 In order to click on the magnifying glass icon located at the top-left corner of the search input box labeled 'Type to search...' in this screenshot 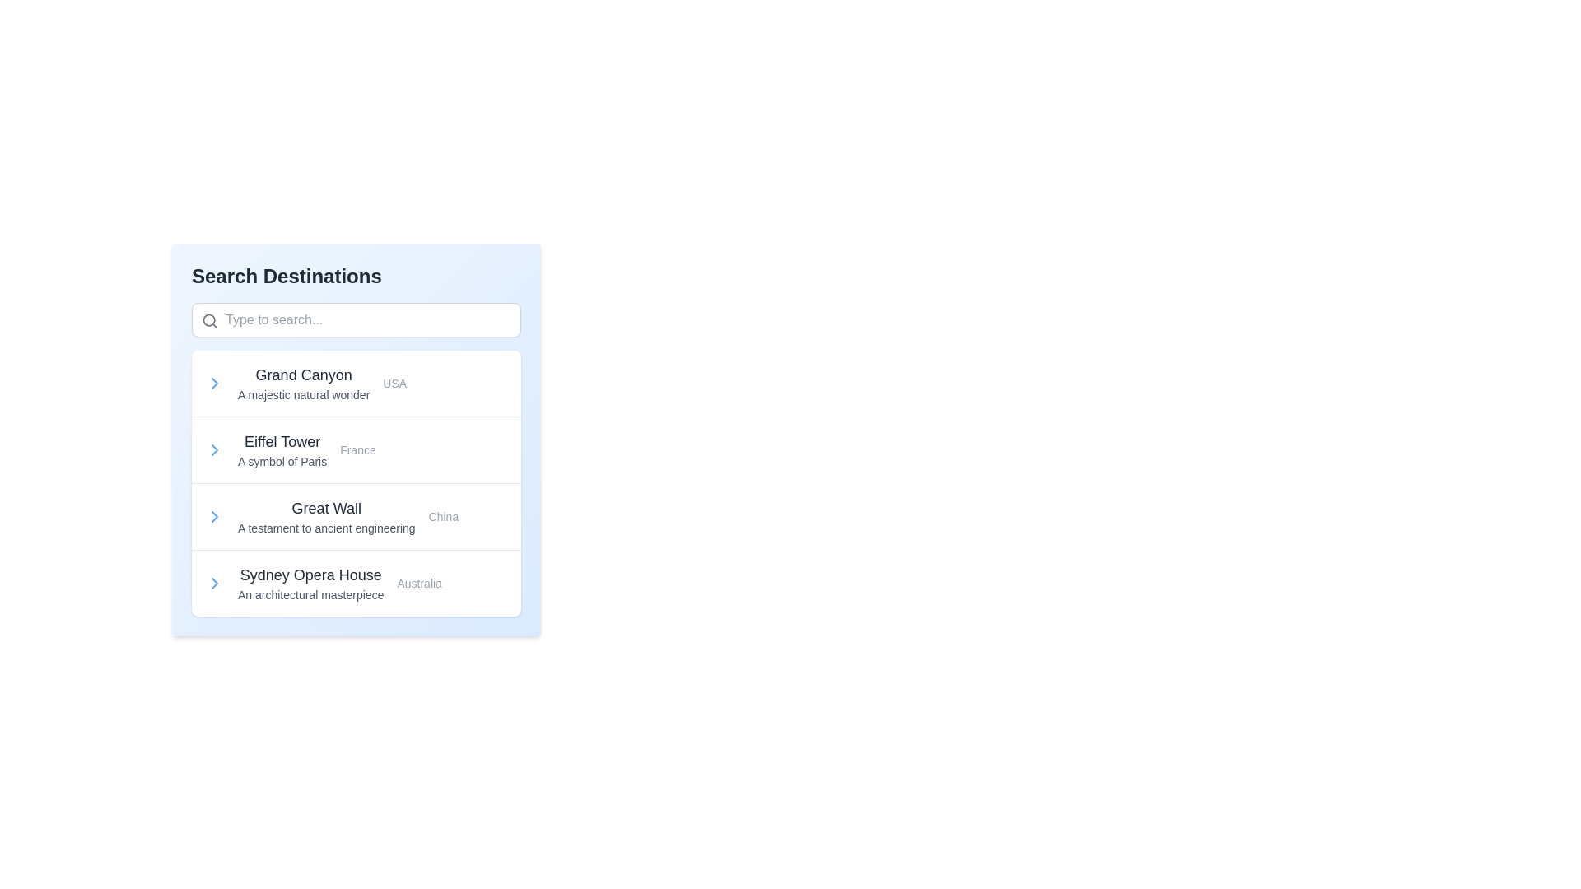, I will do `click(208, 320)`.